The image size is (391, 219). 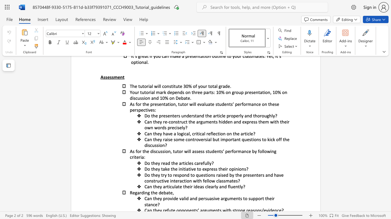 I want to click on the subset text "ey provide valid and persuasive arguments to" within the text "Can they provide valid and persuasive arguments to support their stance?", so click(x=157, y=198).